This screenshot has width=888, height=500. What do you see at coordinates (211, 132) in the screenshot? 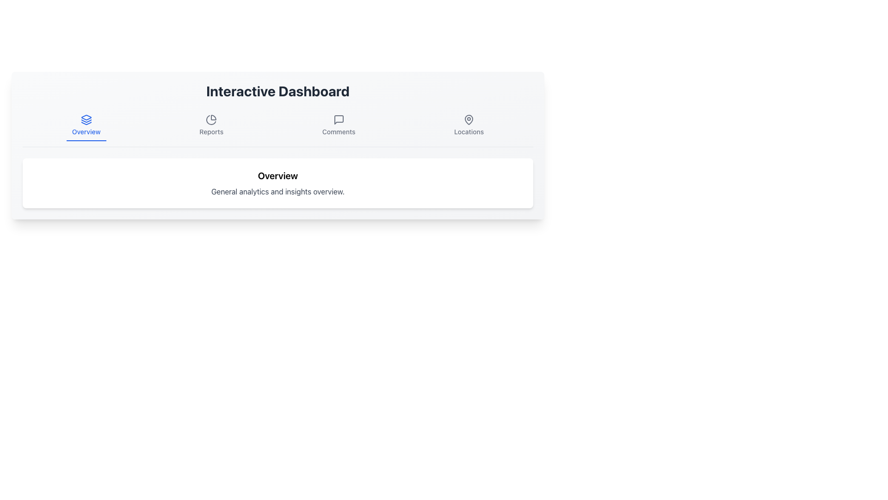
I see `the 'Reports' text label in the navigation menu` at bounding box center [211, 132].